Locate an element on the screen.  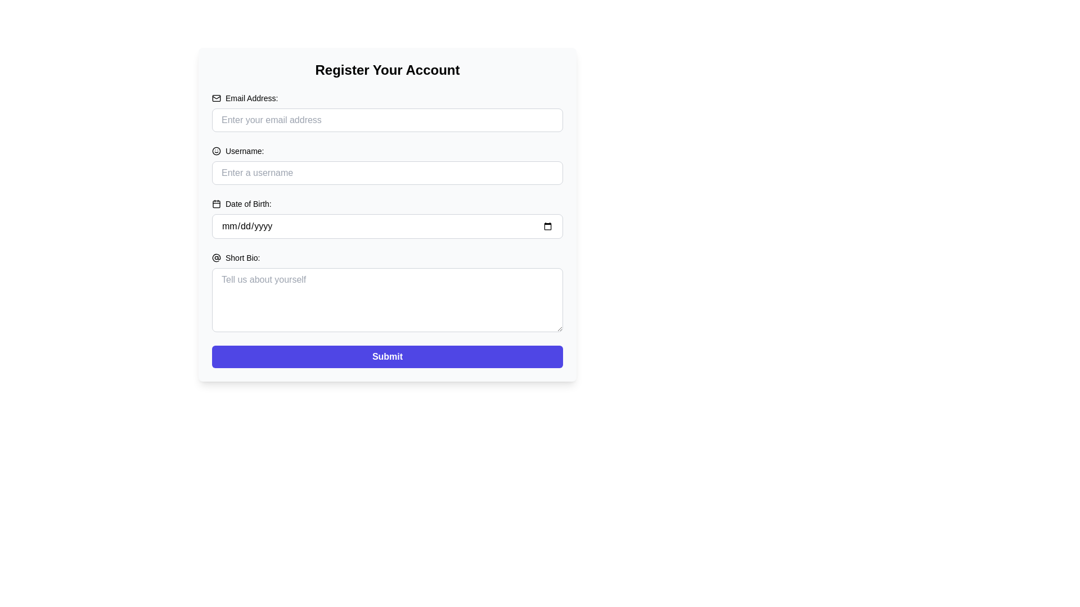
the date picker icon located to the left of the 'Date of Birth' text input field is located at coordinates (216, 203).